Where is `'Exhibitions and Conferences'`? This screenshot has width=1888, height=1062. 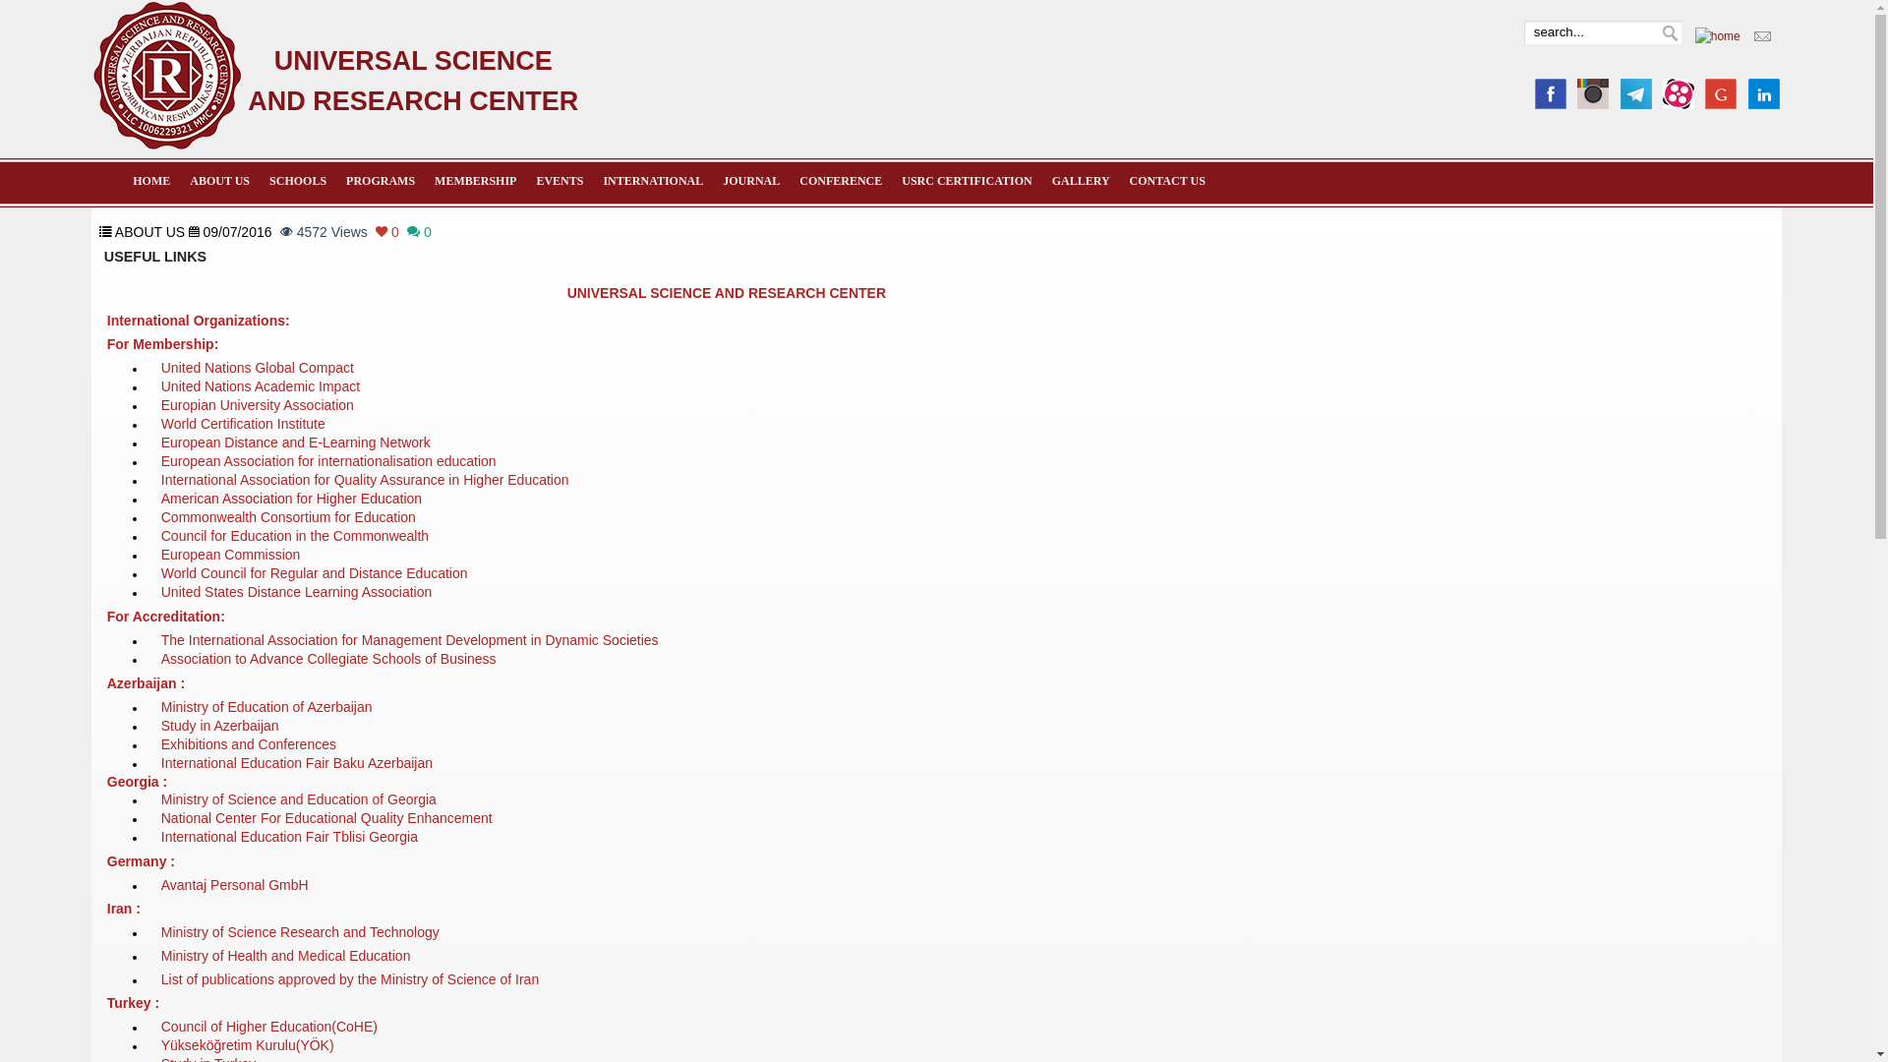
'Exhibitions and Conferences' is located at coordinates (248, 743).